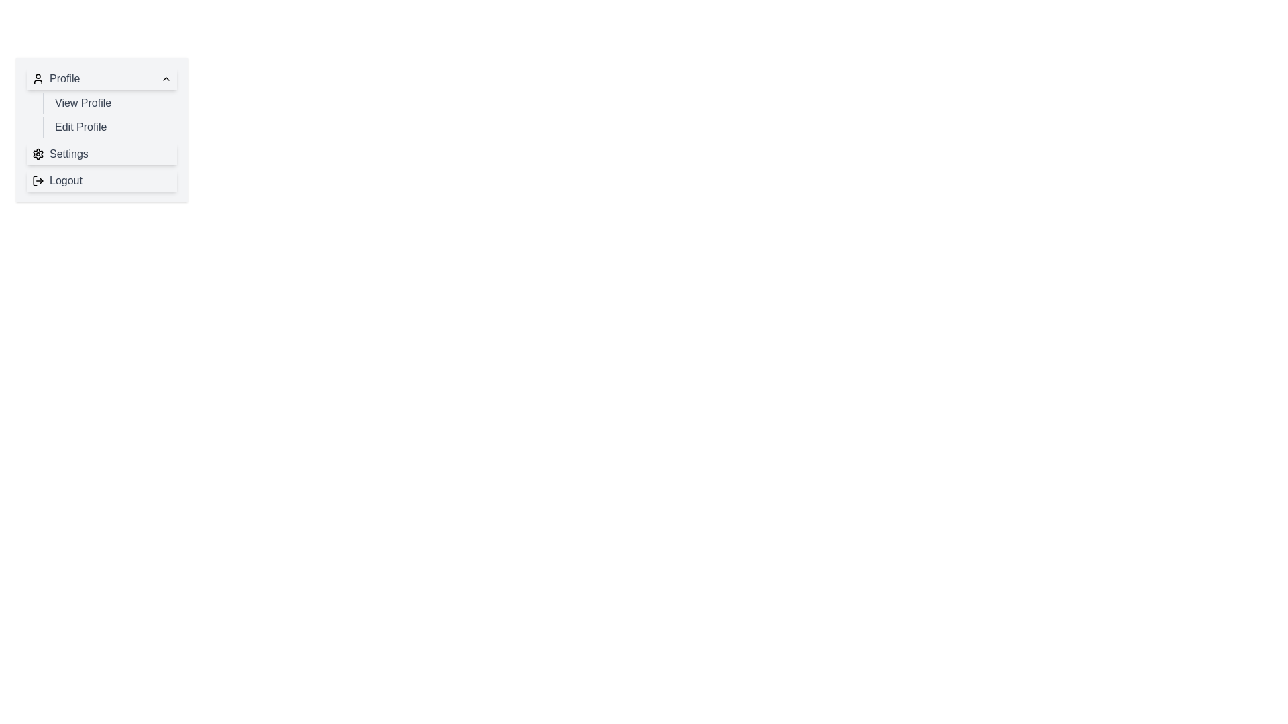  Describe the element at coordinates (64, 79) in the screenshot. I see `the 'Profile' text label, which is styled in gray font and located to the right of the user icon in the header area of the settings menu` at that location.